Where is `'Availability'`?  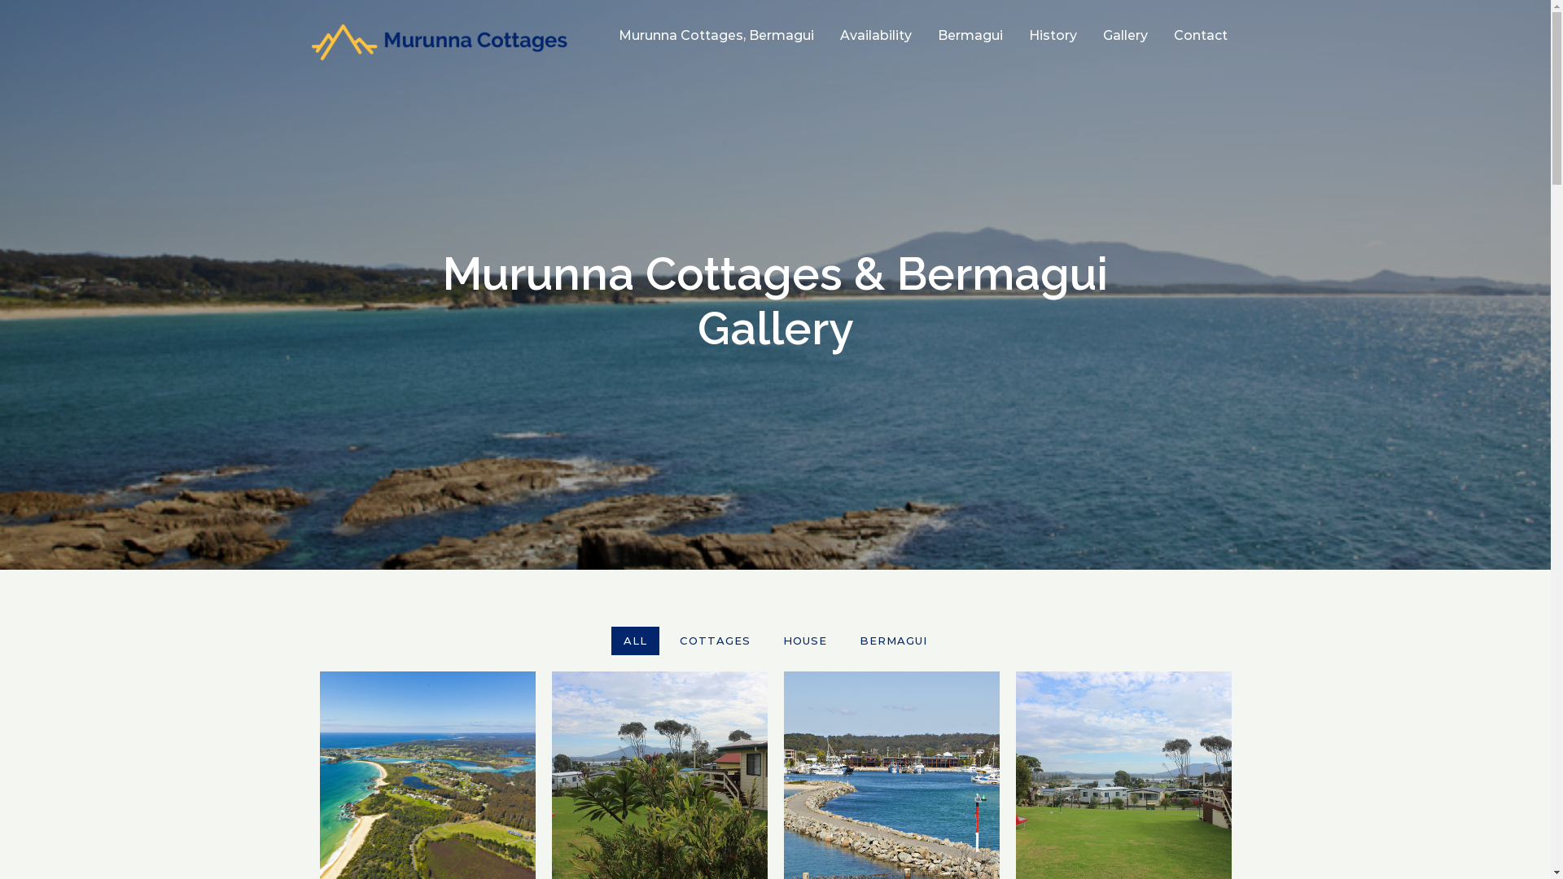 'Availability' is located at coordinates (874, 35).